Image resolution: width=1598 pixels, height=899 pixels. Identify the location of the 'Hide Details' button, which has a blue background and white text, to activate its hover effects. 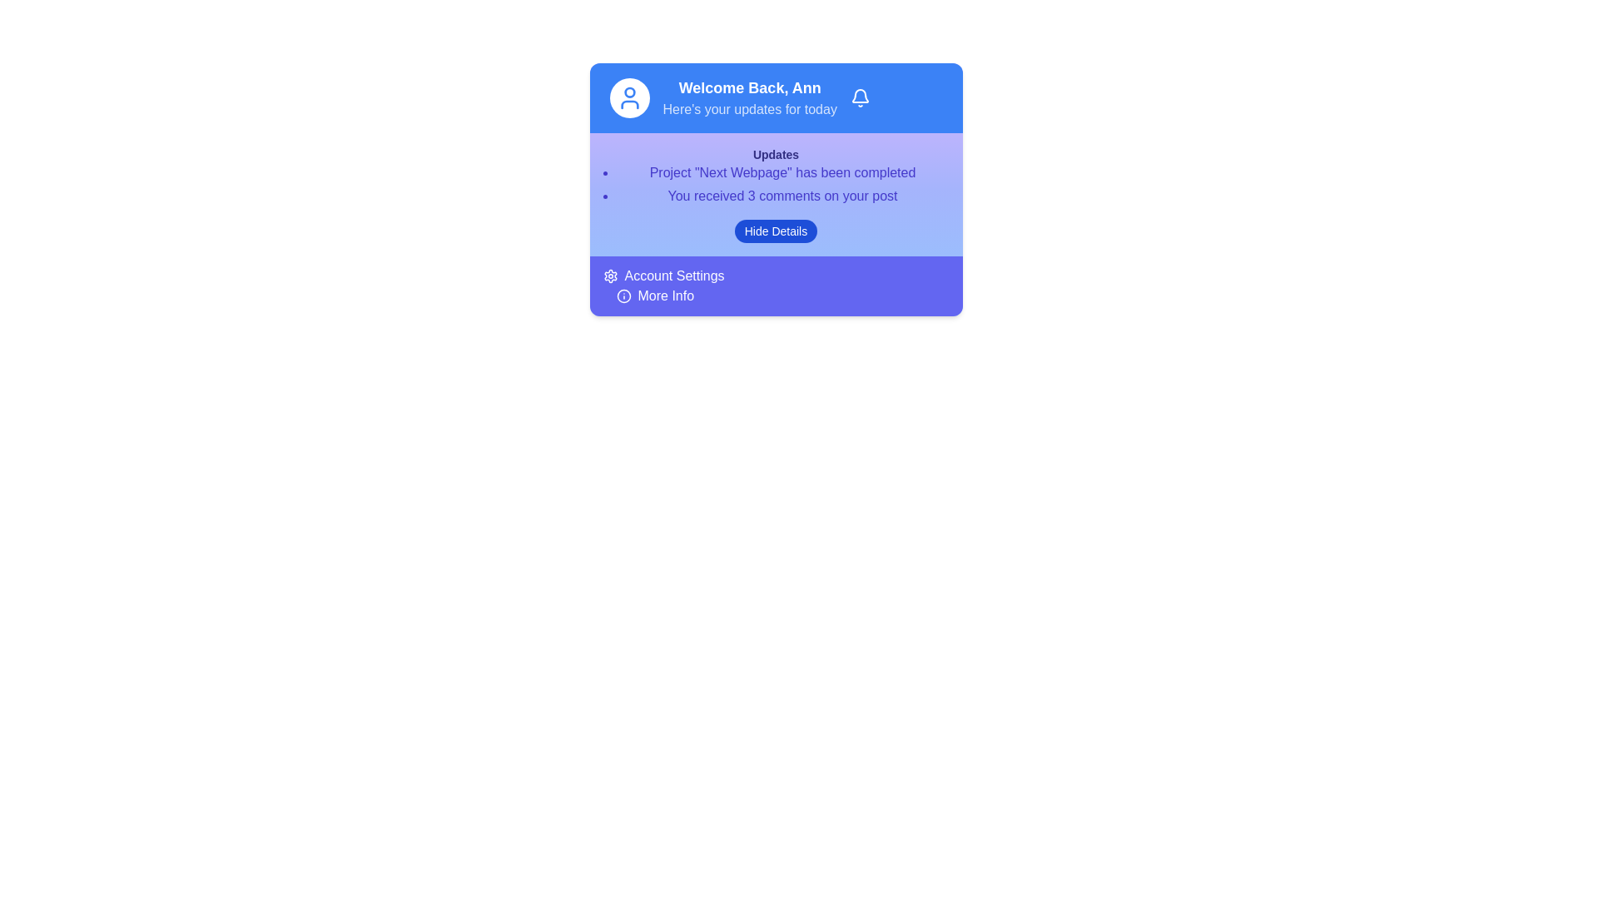
(775, 231).